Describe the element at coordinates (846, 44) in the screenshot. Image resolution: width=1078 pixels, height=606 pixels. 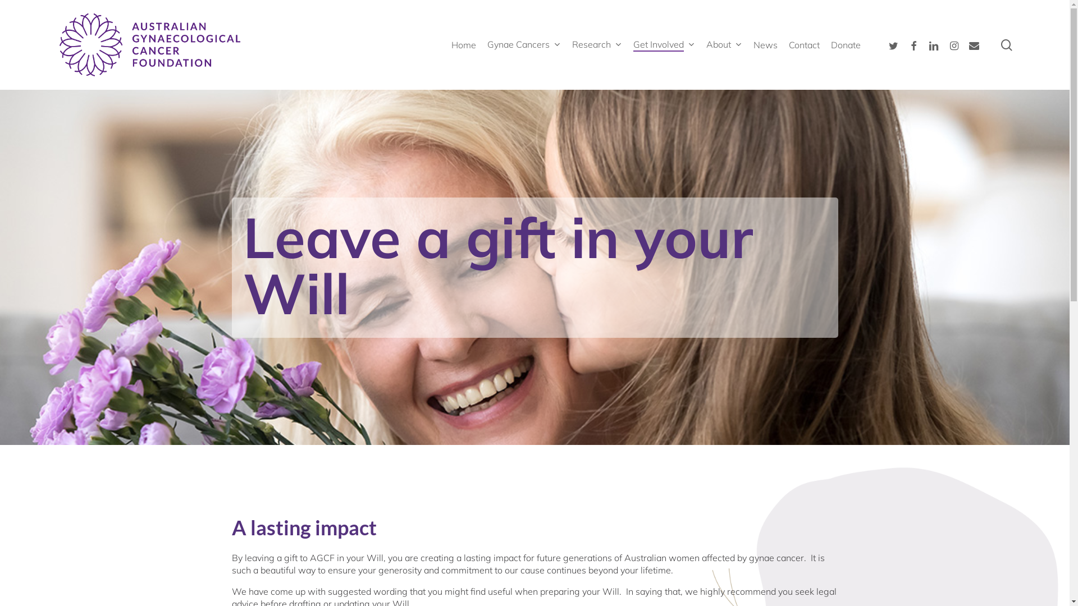
I see `'Donate'` at that location.